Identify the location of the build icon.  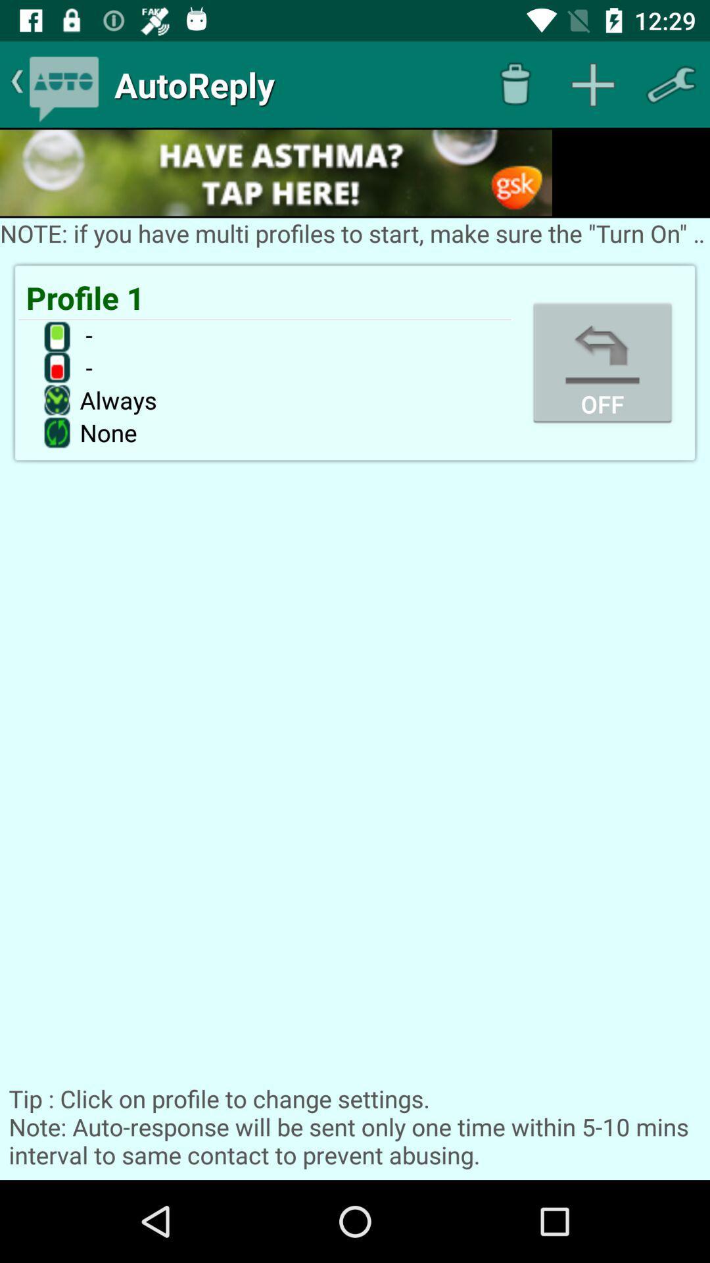
(671, 84).